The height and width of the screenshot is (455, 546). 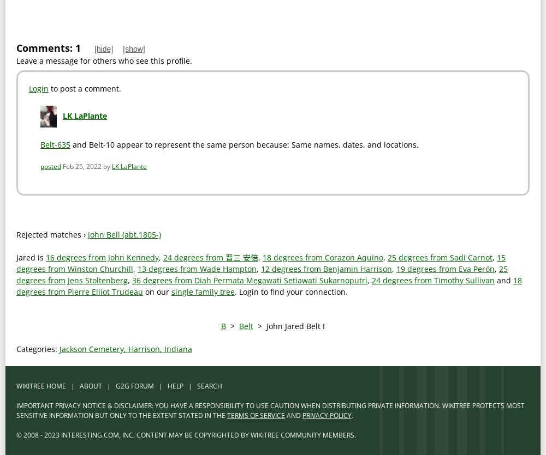 I want to click on '36 degrees from Diah Permata Megawati Setiawati Sukarnoputri', so click(x=249, y=280).